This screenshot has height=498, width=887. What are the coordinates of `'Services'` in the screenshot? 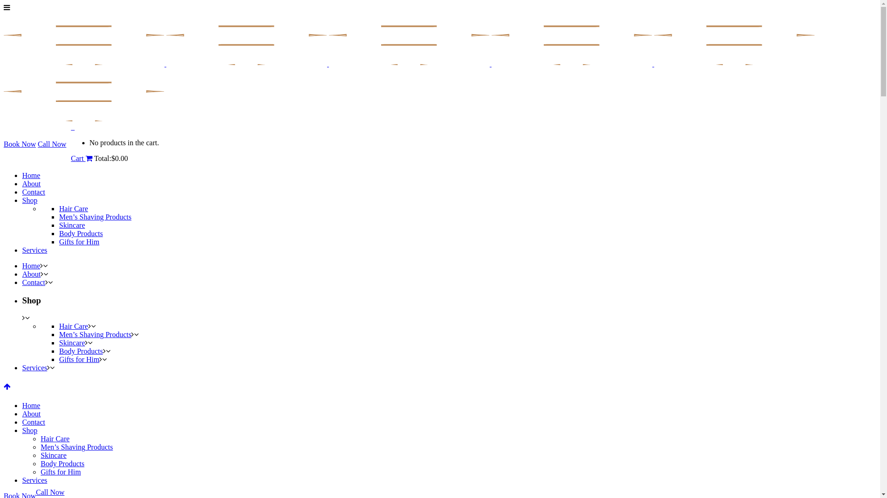 It's located at (35, 250).